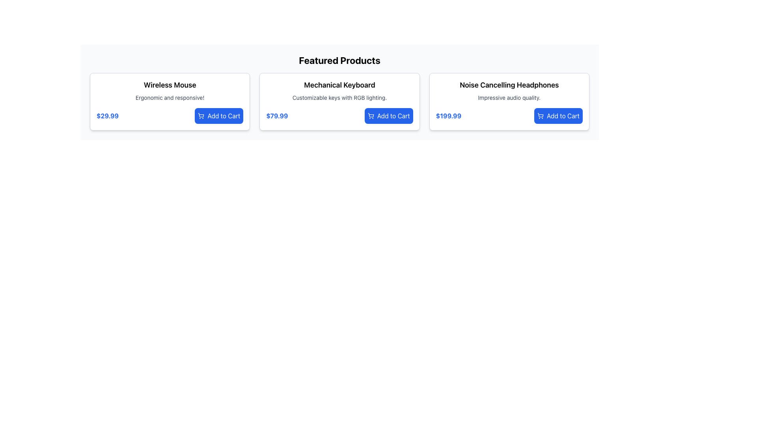 Image resolution: width=757 pixels, height=426 pixels. I want to click on the static text label displaying 'Impressive audio quality.' located beneath the title 'Noise Cancelling Headphones' and above the price and 'Add to Cart' section within the product card, so click(509, 97).